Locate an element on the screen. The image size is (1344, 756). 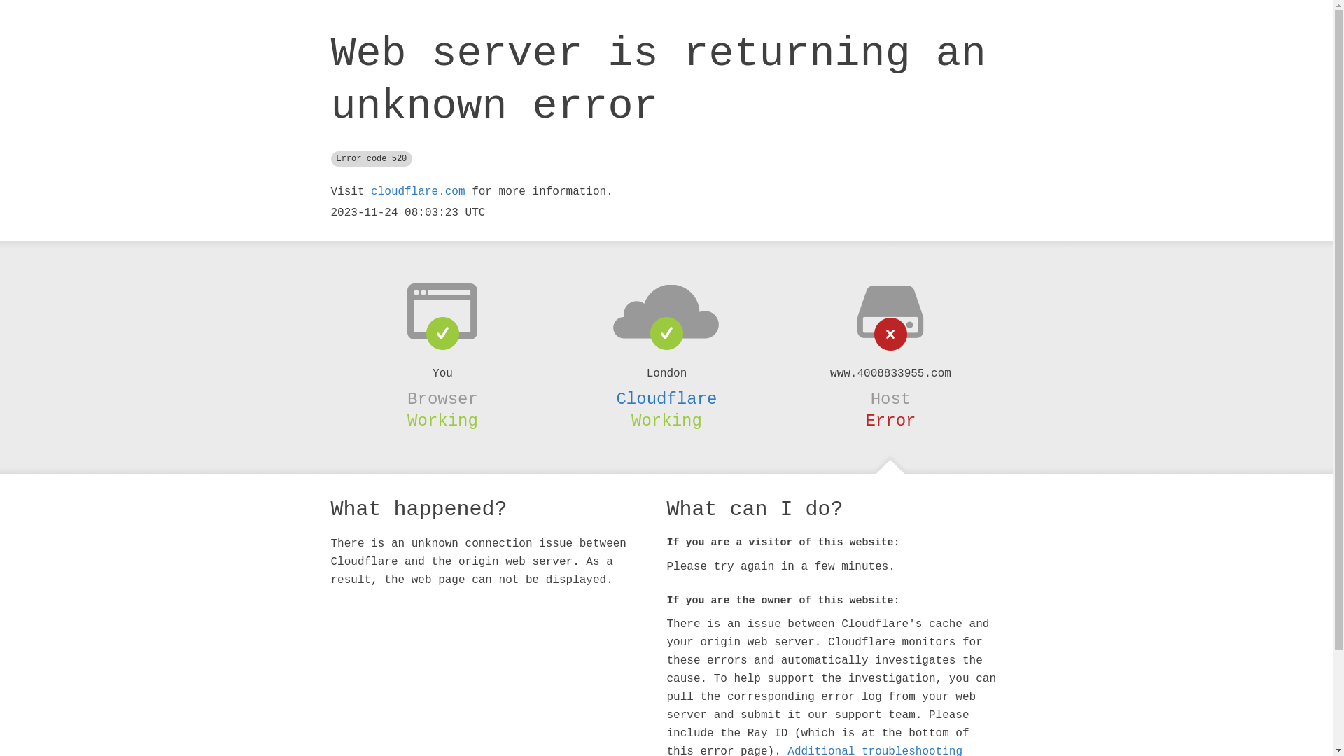
'cloudflare.com' is located at coordinates (416, 191).